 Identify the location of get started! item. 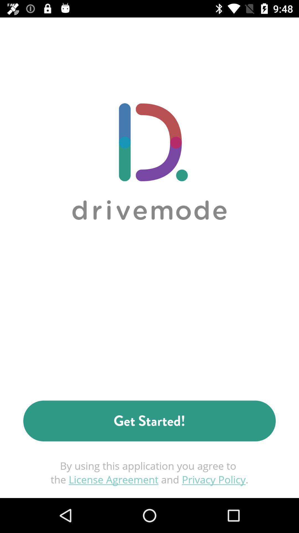
(149, 421).